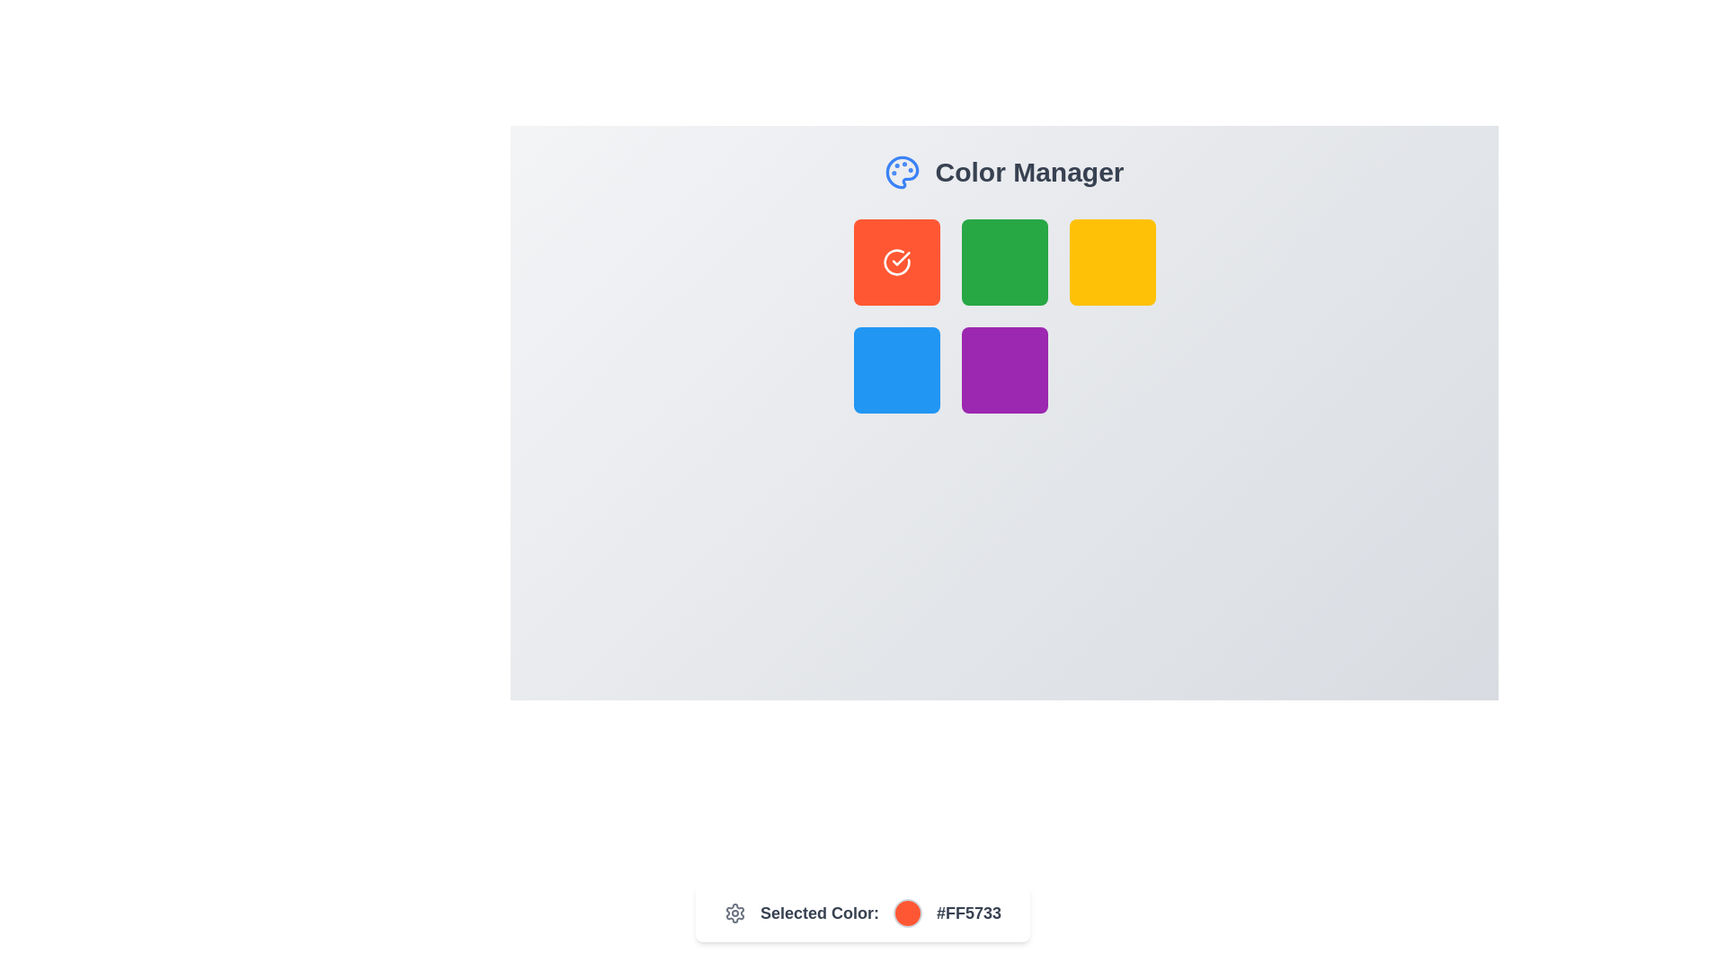  What do you see at coordinates (903, 173) in the screenshot?
I see `the painter's palette icon, which is a blue circular design with cutouts and small circles resembling paint blobs, located to the left of the 'Color Manager' label` at bounding box center [903, 173].